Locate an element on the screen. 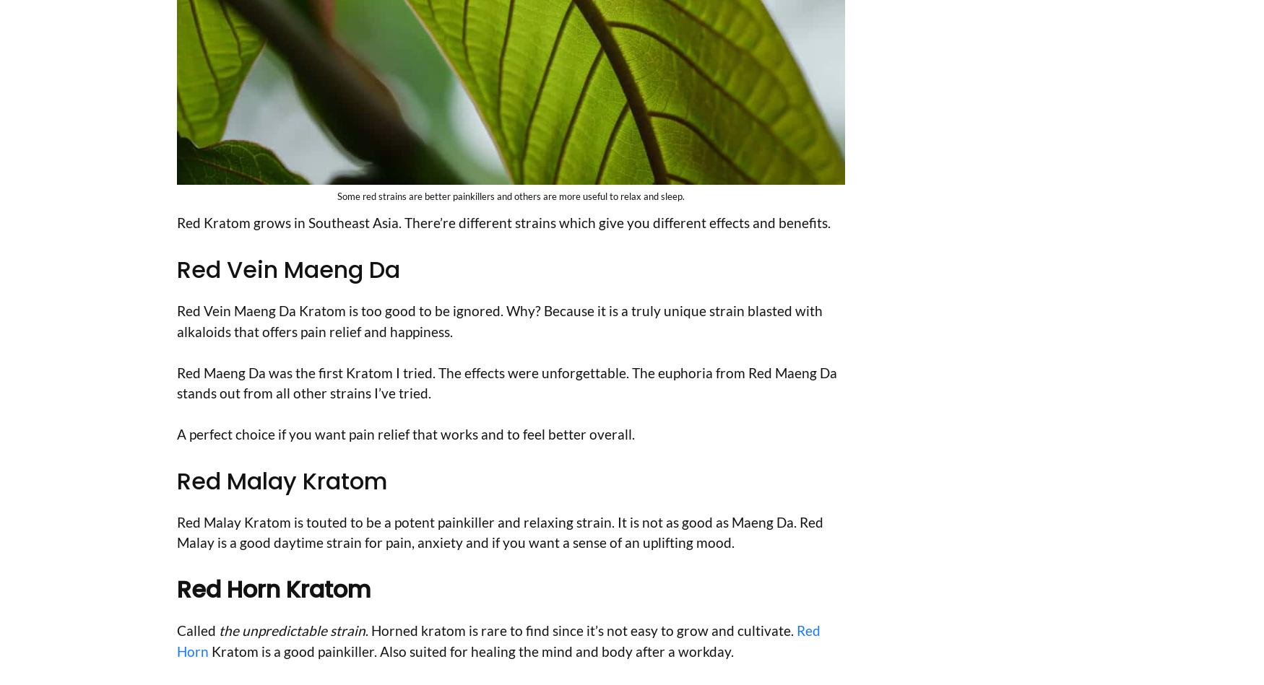  'Red Vein Maeng Da' is located at coordinates (287, 269).